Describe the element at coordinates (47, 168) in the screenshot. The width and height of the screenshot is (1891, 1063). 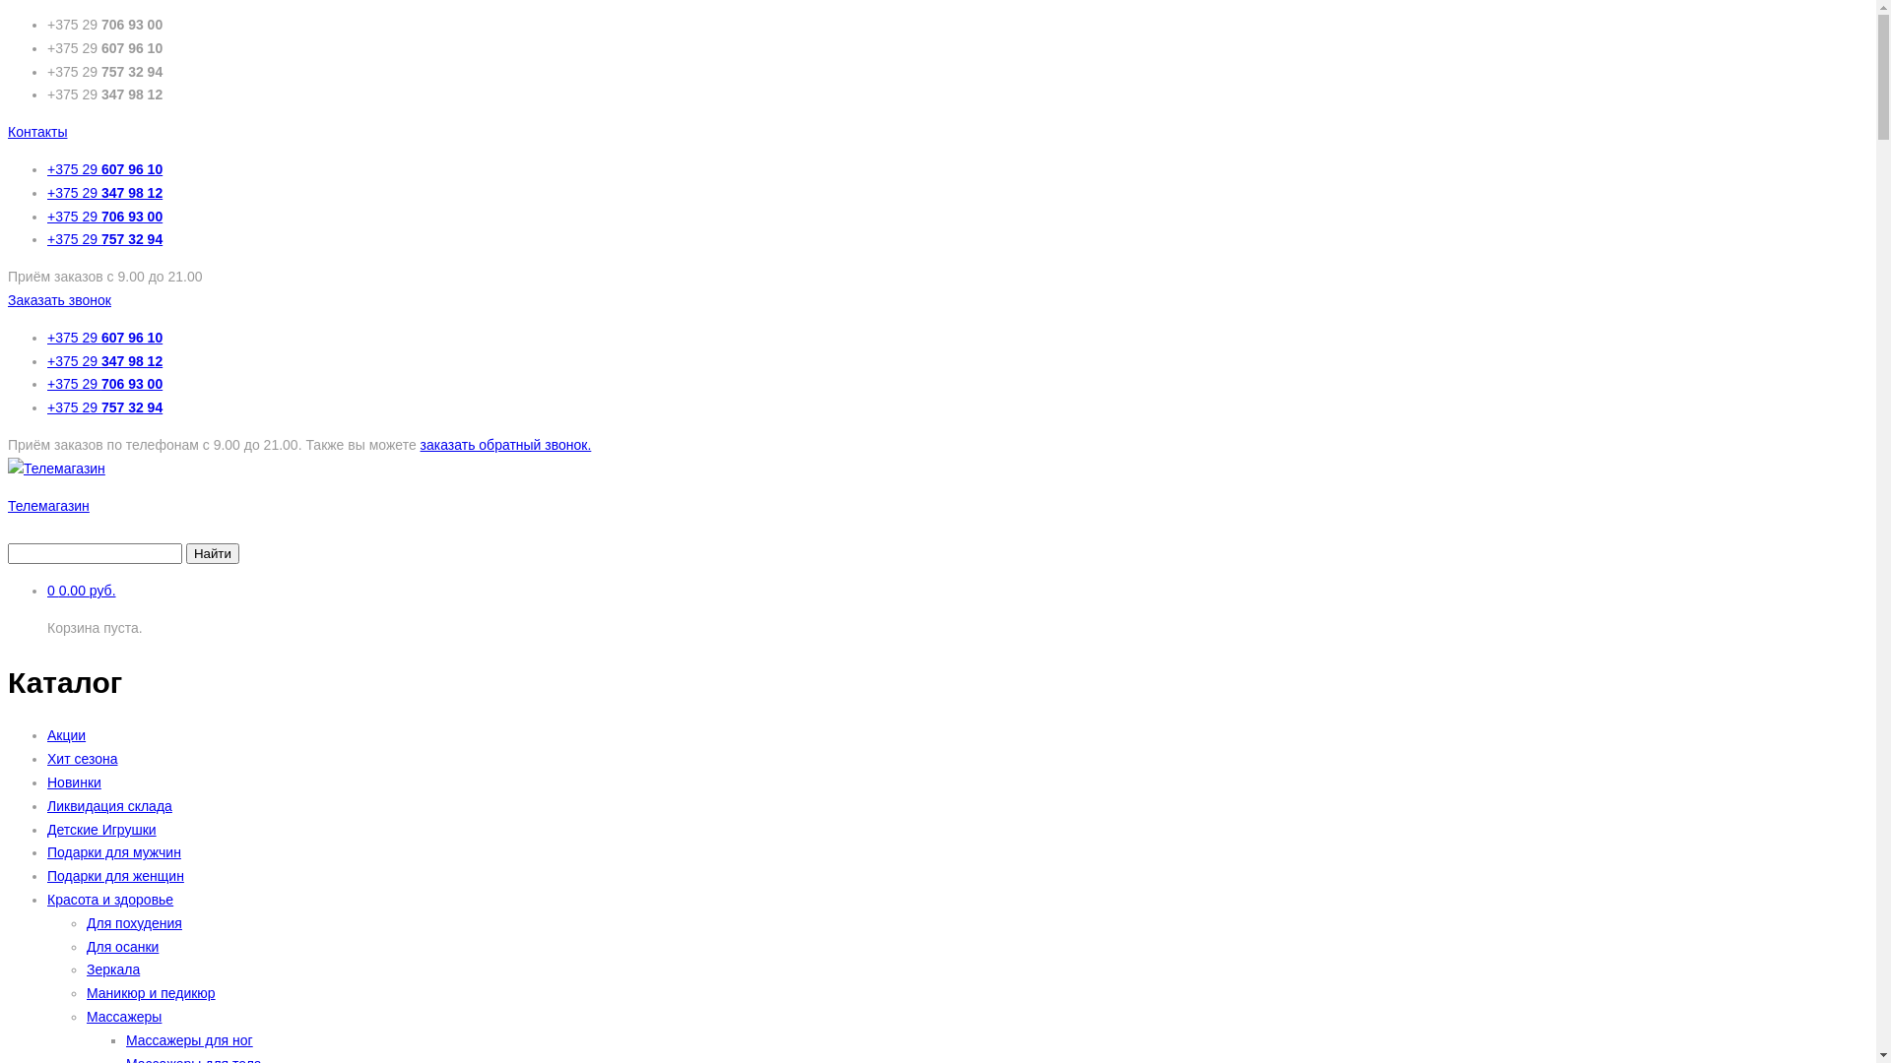
I see `'+375 29 607 96 10'` at that location.